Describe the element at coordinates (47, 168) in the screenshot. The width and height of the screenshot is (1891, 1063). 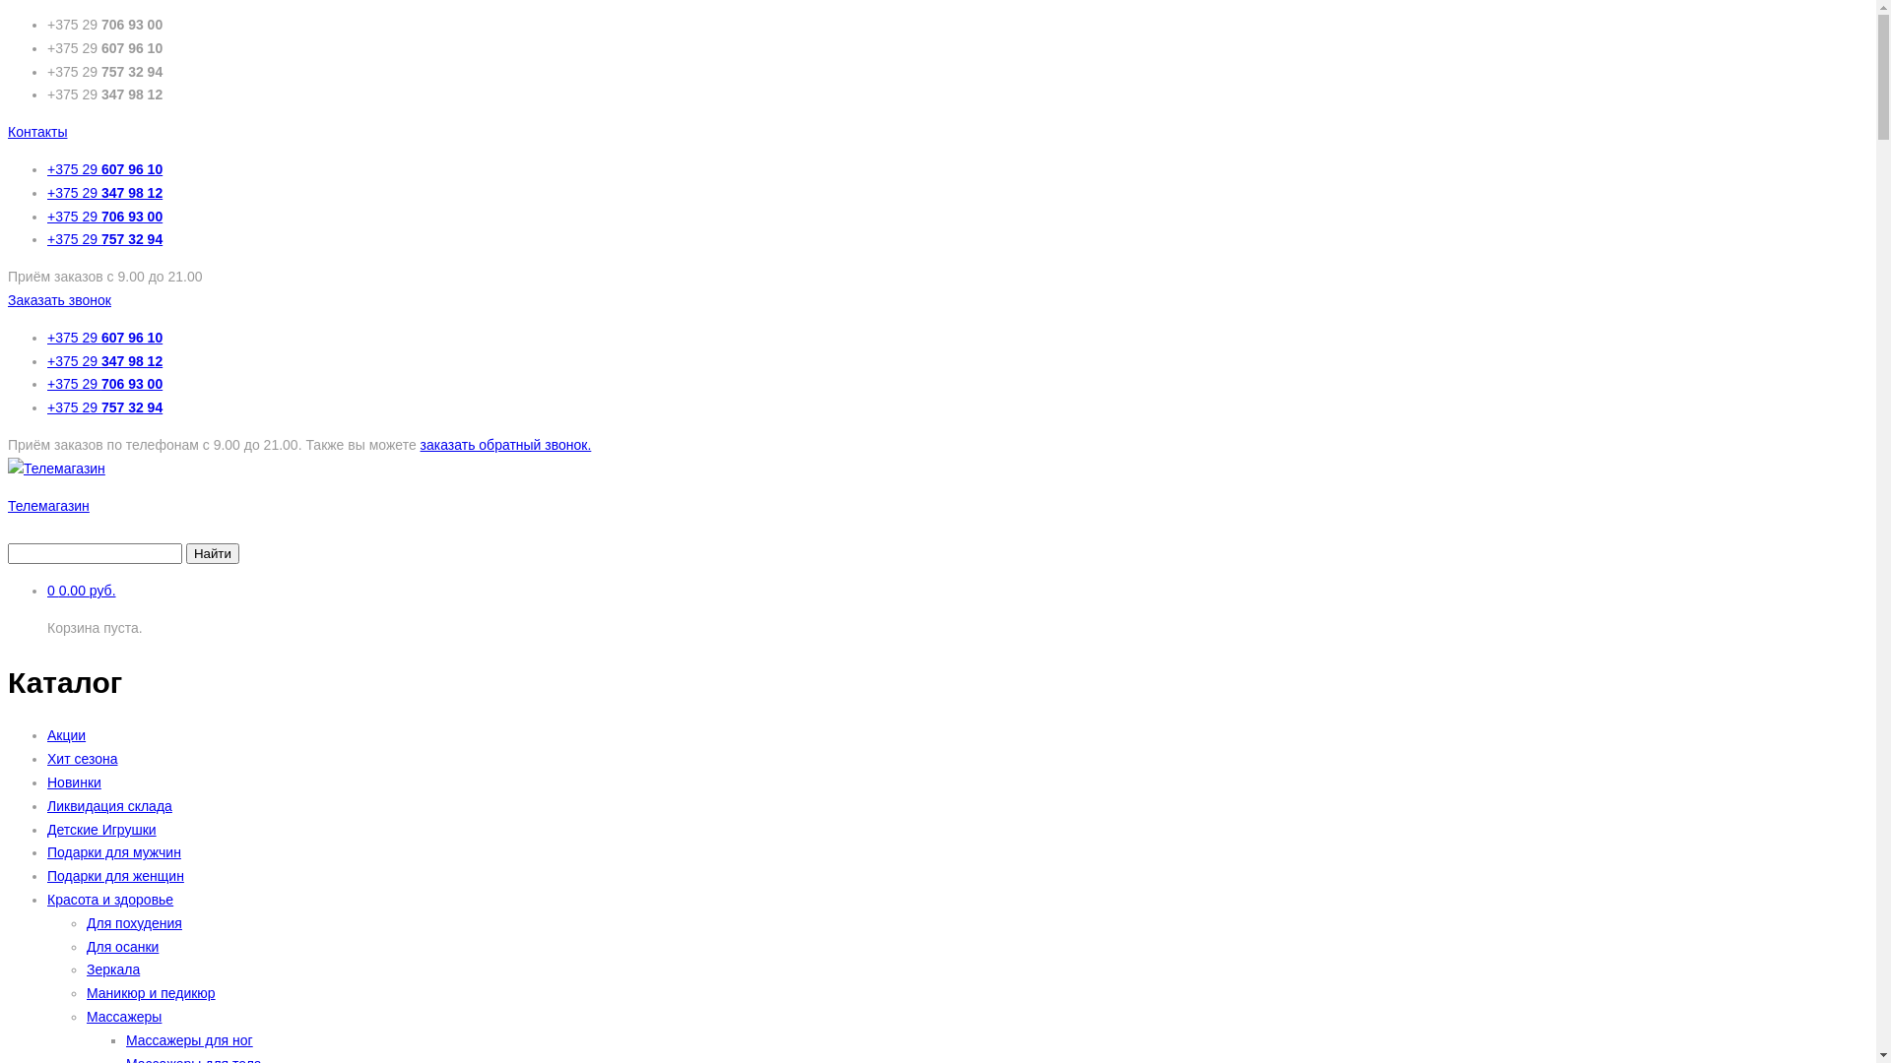
I see `'+375 29 607 96 10'` at that location.